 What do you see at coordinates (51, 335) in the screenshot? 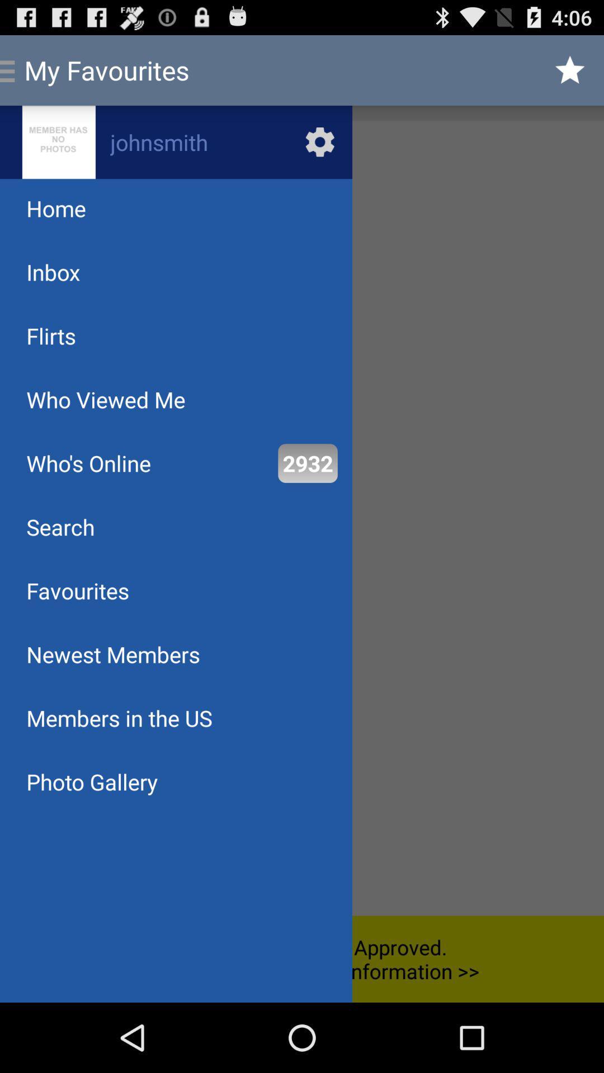
I see `the app below the inbox` at bounding box center [51, 335].